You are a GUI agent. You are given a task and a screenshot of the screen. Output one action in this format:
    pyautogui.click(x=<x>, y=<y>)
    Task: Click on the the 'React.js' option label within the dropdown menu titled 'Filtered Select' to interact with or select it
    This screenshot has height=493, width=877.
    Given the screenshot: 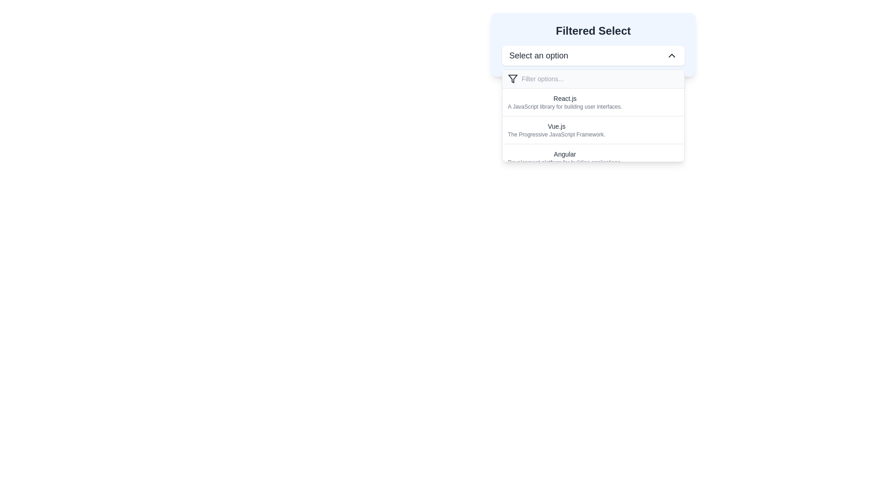 What is the action you would take?
    pyautogui.click(x=565, y=99)
    